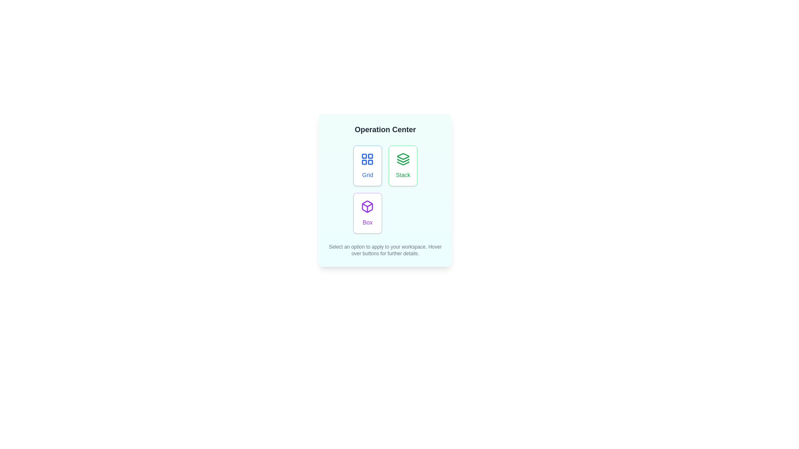  What do you see at coordinates (367, 213) in the screenshot?
I see `the selectable option button labeled 'Box' to activate interaction` at bounding box center [367, 213].